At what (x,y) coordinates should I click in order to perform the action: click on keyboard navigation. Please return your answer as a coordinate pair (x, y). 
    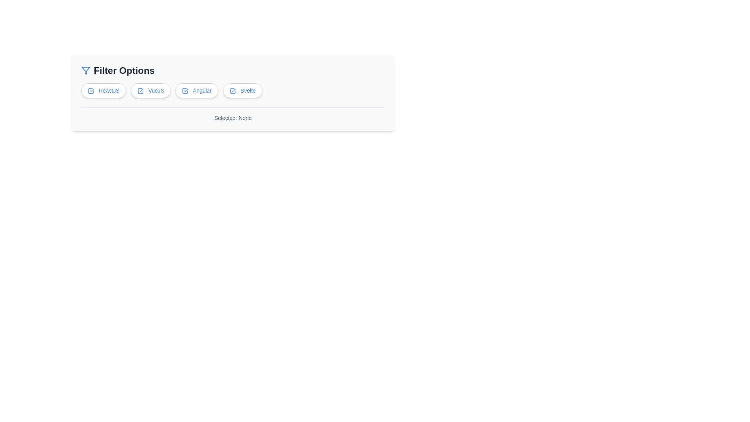
    Looking at the image, I should click on (232, 90).